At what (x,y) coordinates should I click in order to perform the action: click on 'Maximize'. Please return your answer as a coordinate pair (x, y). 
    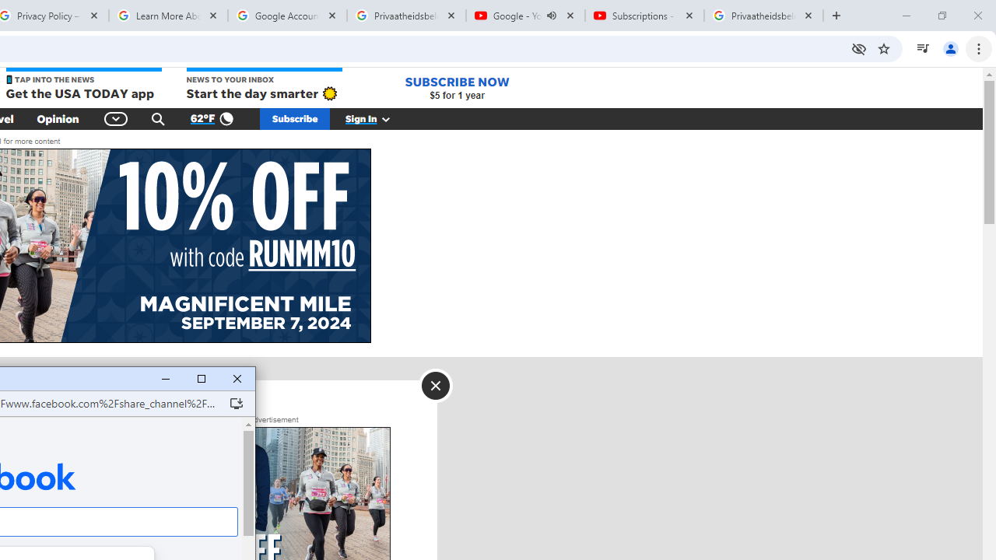
    Looking at the image, I should click on (200, 379).